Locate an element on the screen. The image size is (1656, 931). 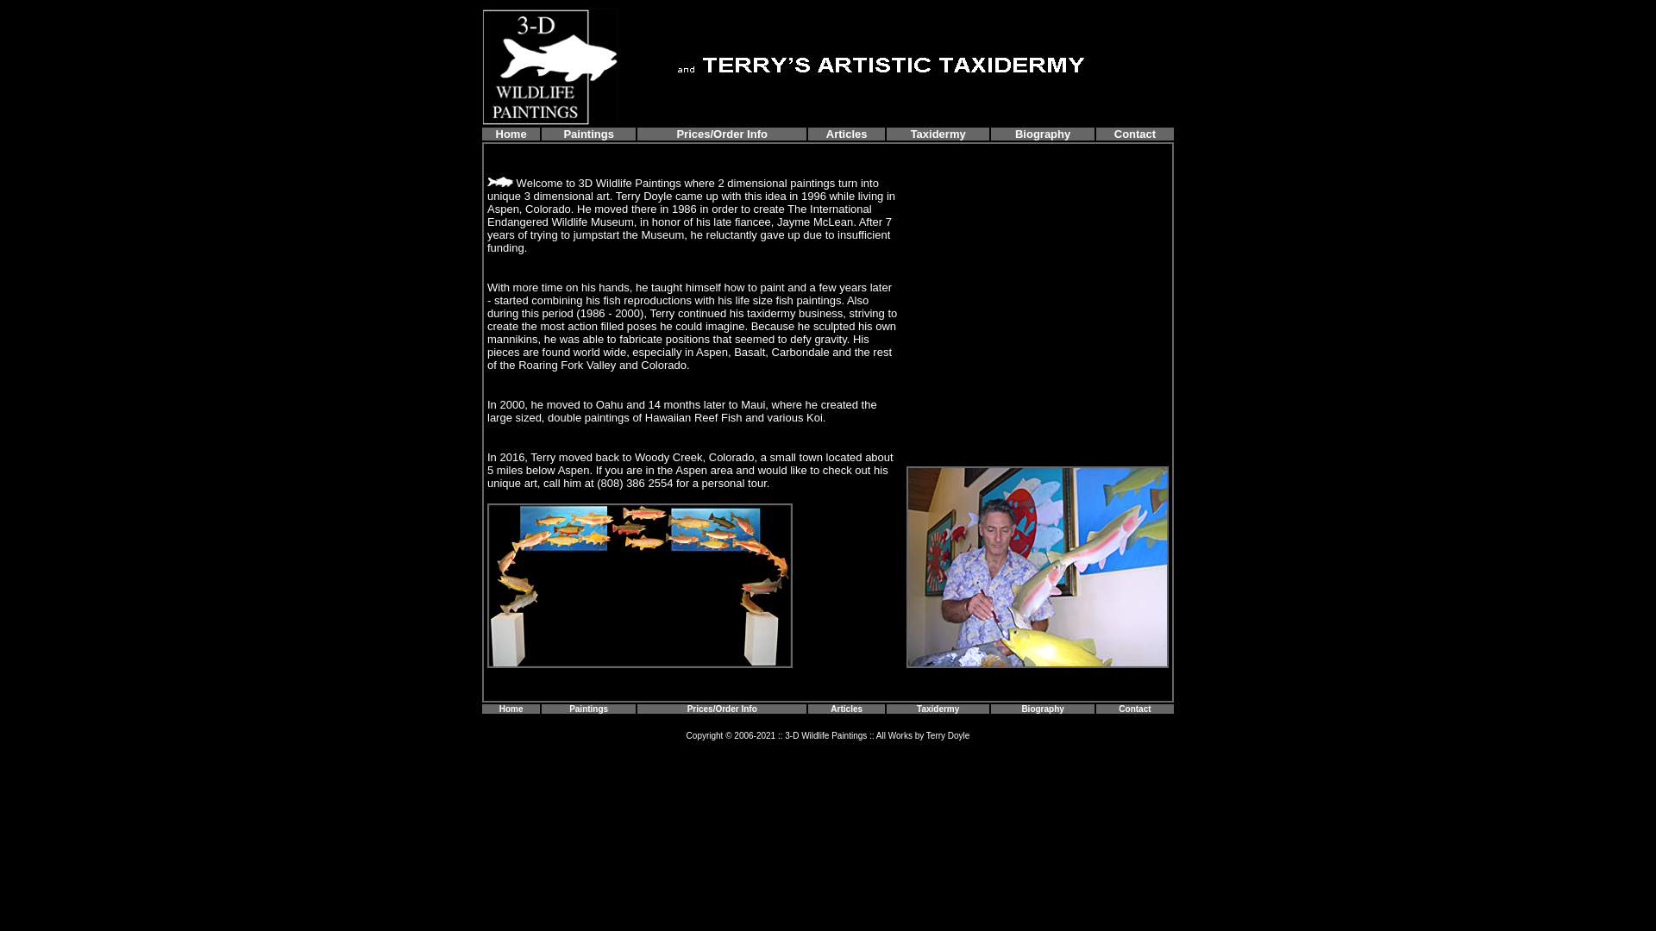
'Taxidermy' is located at coordinates (938, 132).